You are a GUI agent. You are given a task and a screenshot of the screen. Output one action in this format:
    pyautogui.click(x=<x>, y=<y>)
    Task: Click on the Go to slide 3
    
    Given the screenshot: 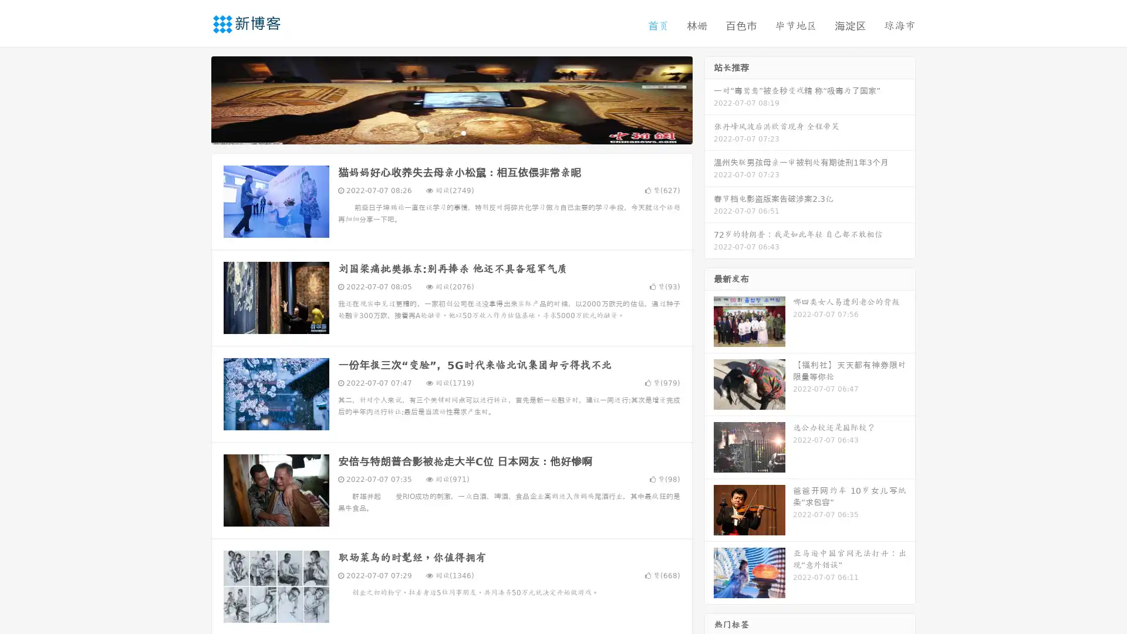 What is the action you would take?
    pyautogui.click(x=463, y=132)
    